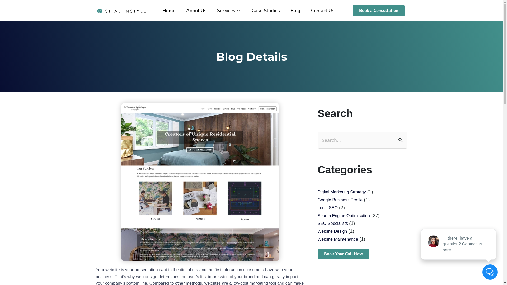 Image resolution: width=507 pixels, height=285 pixels. What do you see at coordinates (229, 10) in the screenshot?
I see `'Services'` at bounding box center [229, 10].